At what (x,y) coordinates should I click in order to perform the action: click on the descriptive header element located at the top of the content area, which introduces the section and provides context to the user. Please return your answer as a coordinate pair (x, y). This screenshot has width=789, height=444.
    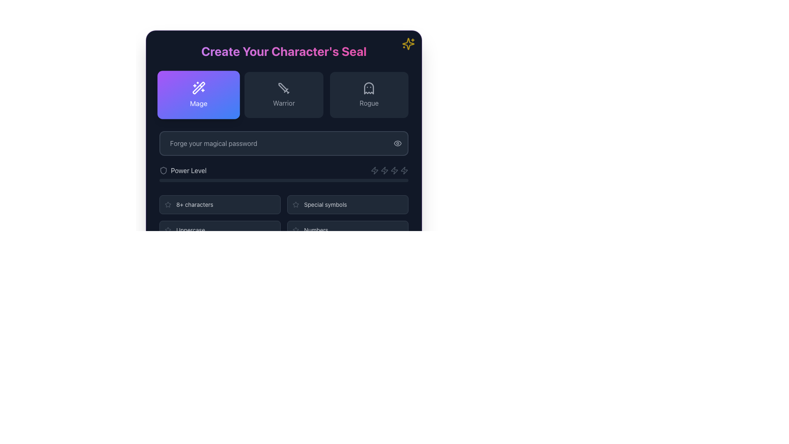
    Looking at the image, I should click on (284, 51).